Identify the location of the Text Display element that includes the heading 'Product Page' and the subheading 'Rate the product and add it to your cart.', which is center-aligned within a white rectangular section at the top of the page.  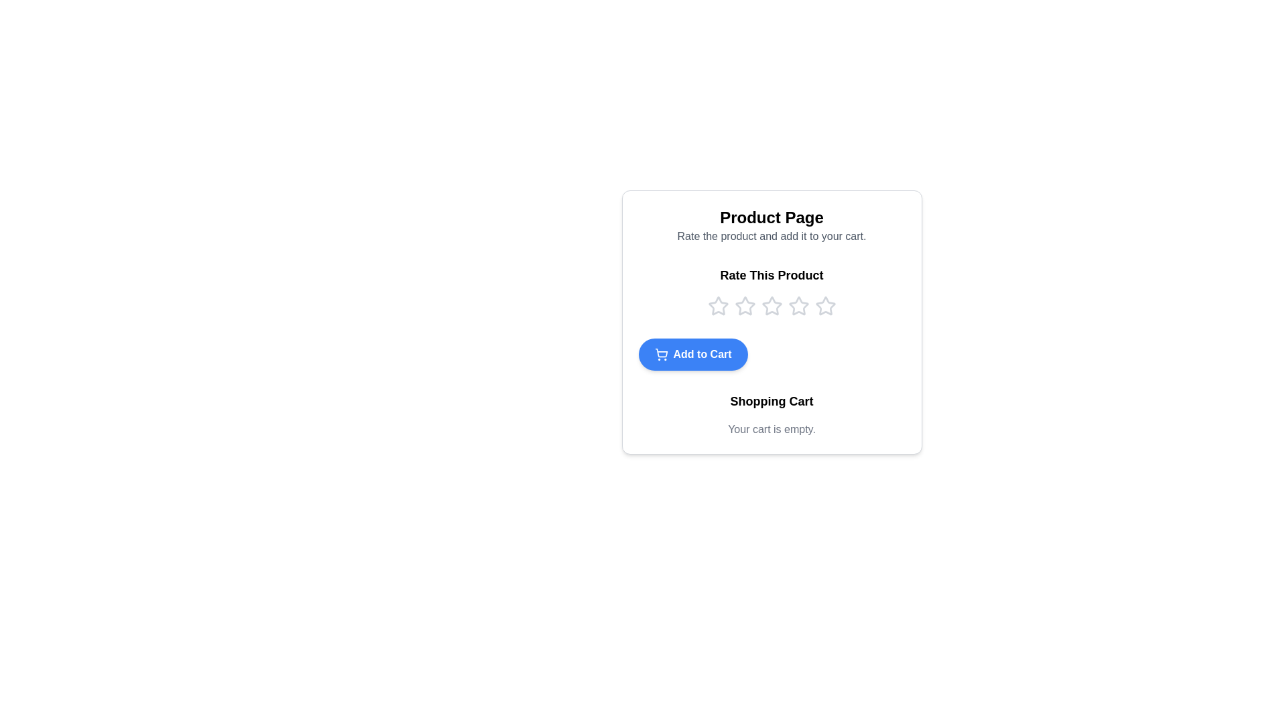
(772, 225).